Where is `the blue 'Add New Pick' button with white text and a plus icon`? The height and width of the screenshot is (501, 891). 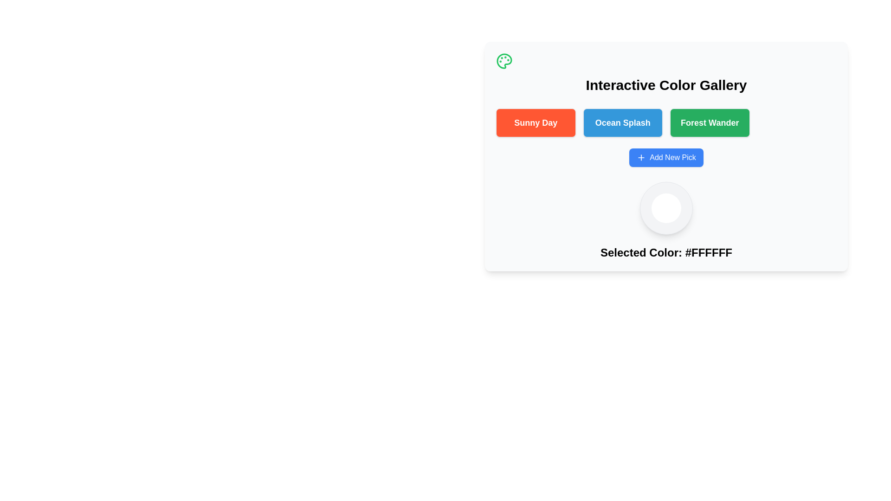 the blue 'Add New Pick' button with white text and a plus icon is located at coordinates (665, 157).